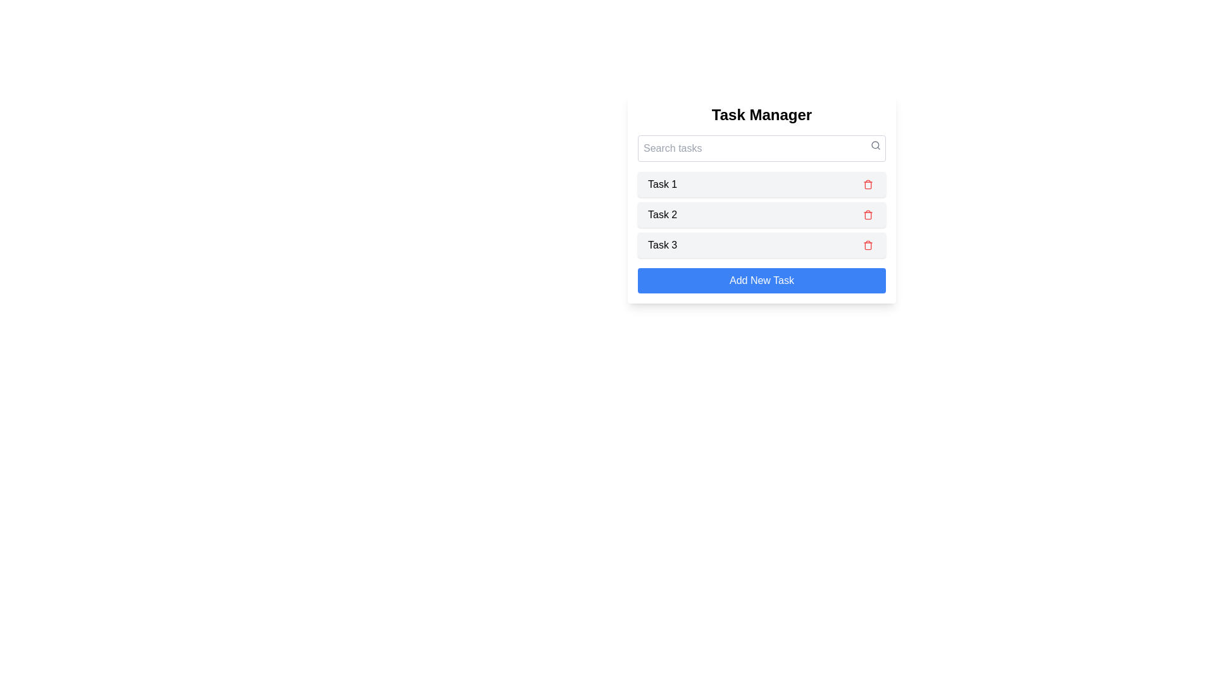 This screenshot has width=1215, height=683. I want to click on the search icon to initiate a search action, so click(875, 145).